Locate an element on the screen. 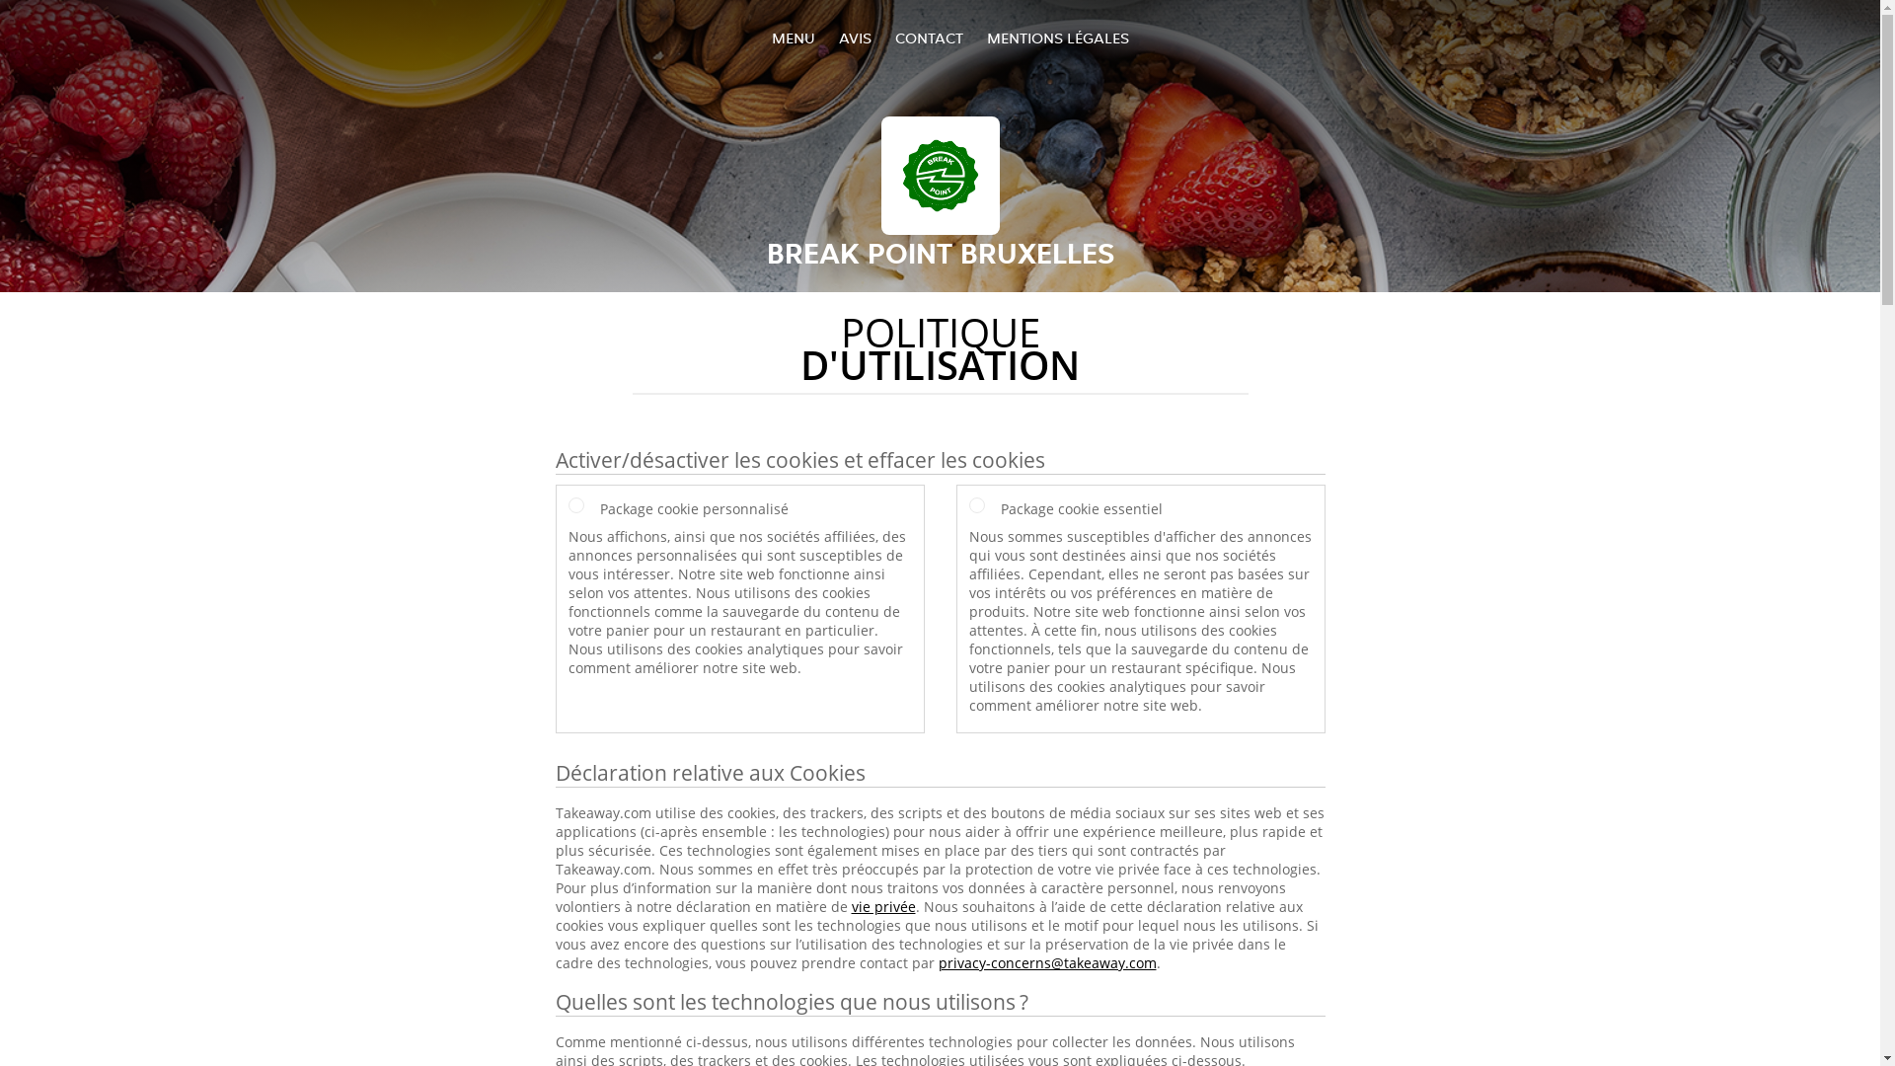 Image resolution: width=1895 pixels, height=1066 pixels. 'AVIS' is located at coordinates (855, 38).